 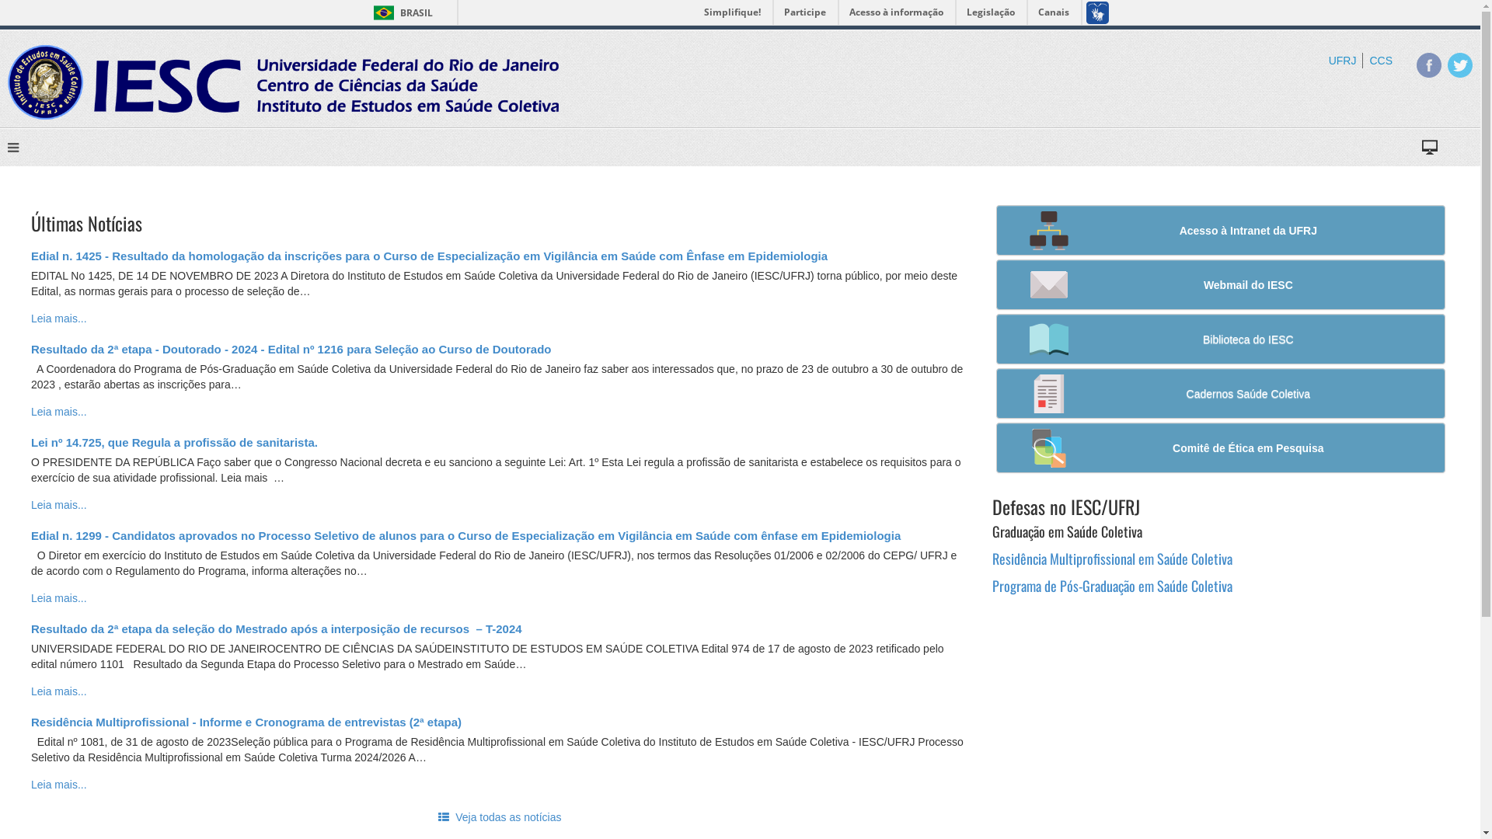 I want to click on 'BRASIL', so click(x=399, y=12).